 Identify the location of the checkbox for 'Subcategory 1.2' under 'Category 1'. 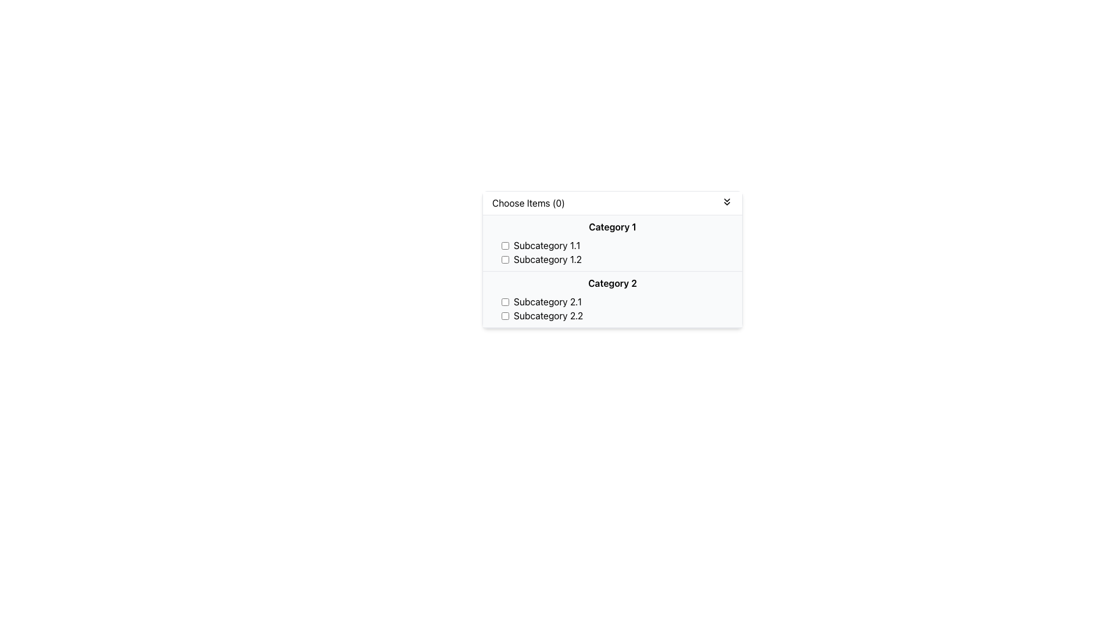
(505, 259).